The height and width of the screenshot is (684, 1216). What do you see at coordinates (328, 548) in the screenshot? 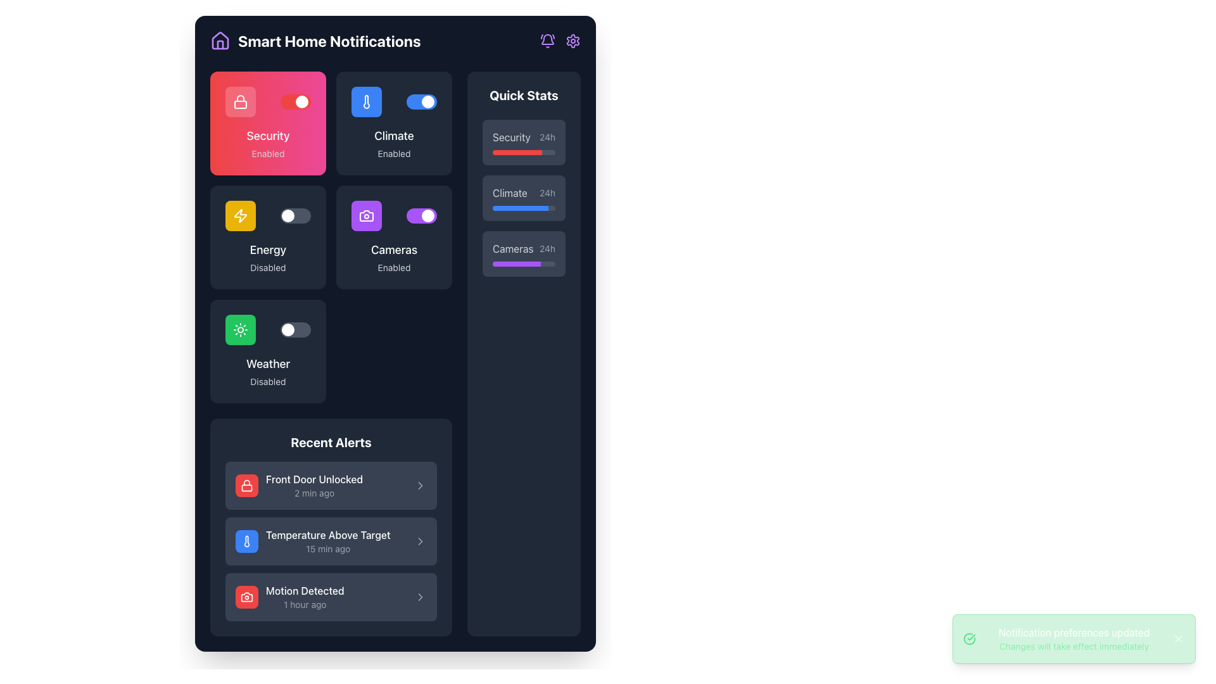
I see `text of the label that indicates the timestamp for the 'Temperature Above Target' alert, located in the second card of the 'Recent Alerts' section, below the text 'Temperature Above Target'` at bounding box center [328, 548].